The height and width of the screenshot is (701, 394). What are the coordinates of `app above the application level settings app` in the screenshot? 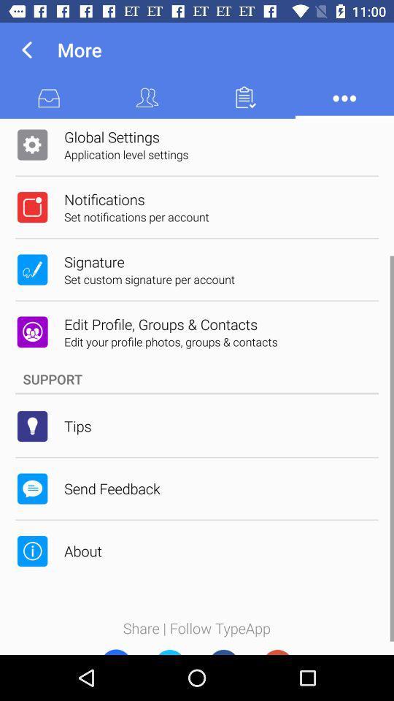 It's located at (111, 137).